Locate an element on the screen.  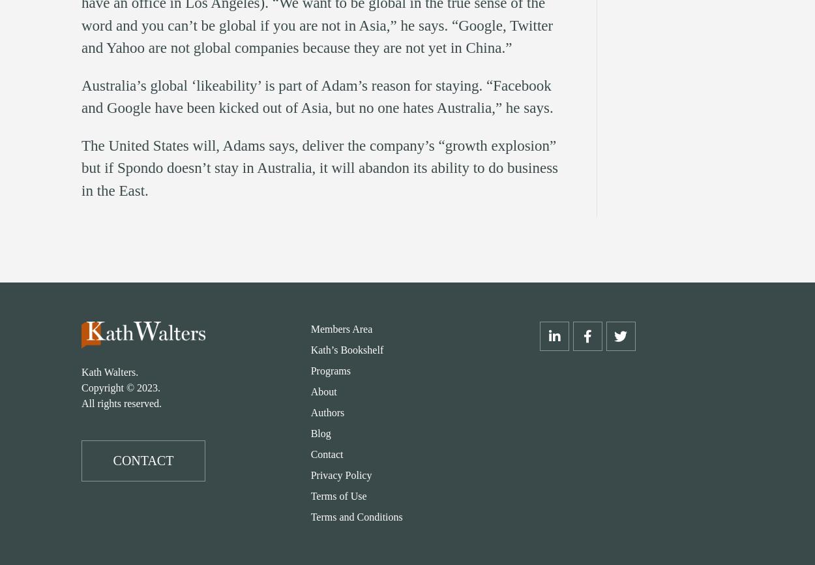
'CONTACT' is located at coordinates (142, 459).